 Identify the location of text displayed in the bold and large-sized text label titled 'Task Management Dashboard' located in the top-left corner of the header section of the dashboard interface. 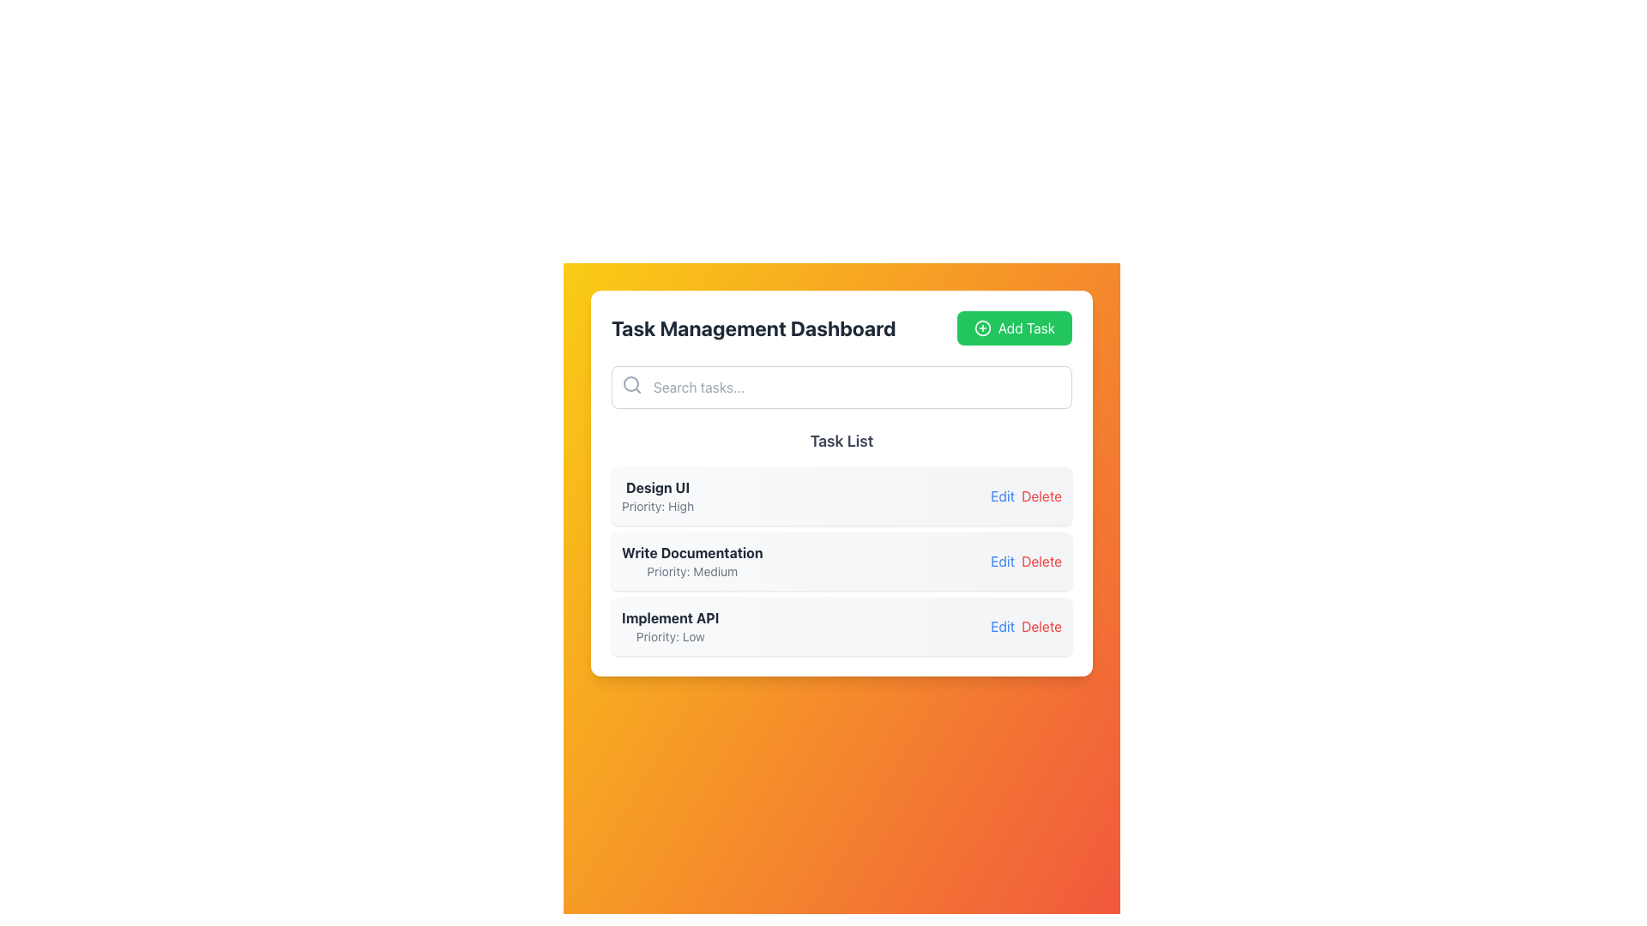
(753, 328).